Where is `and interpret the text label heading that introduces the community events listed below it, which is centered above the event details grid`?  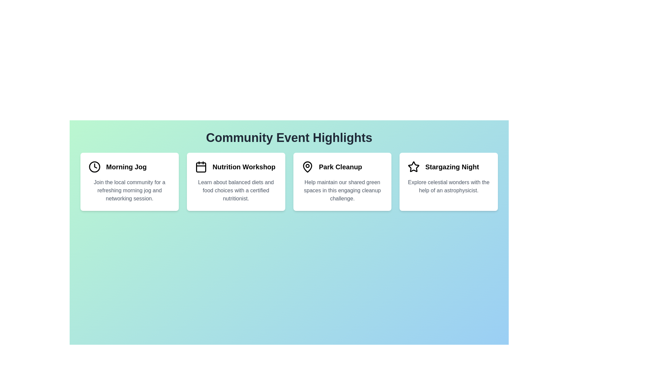
and interpret the text label heading that introduces the community events listed below it, which is centered above the event details grid is located at coordinates (289, 138).